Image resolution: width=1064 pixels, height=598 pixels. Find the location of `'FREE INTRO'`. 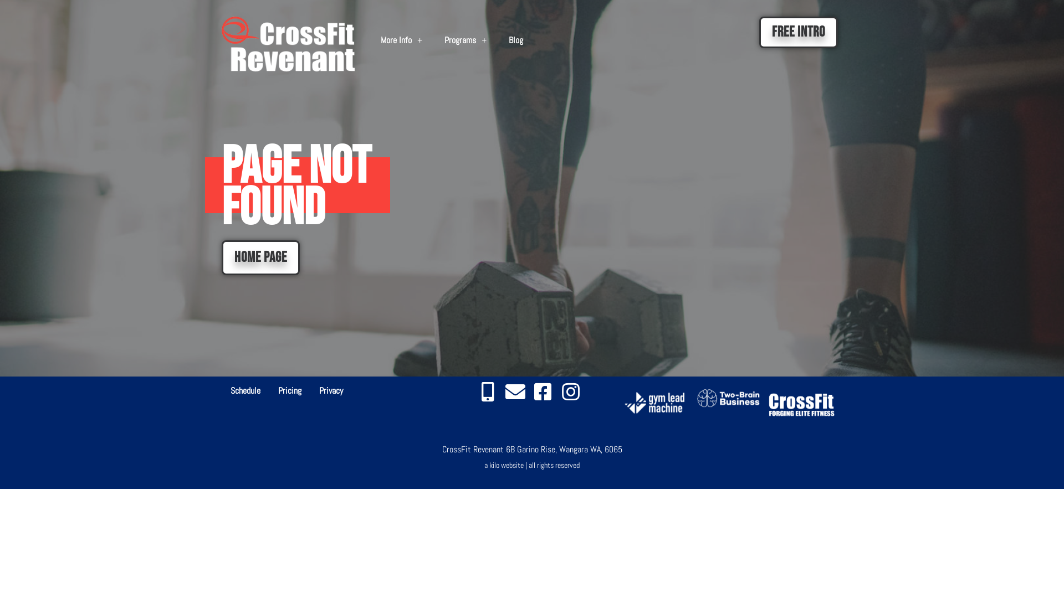

'FREE INTRO' is located at coordinates (798, 32).